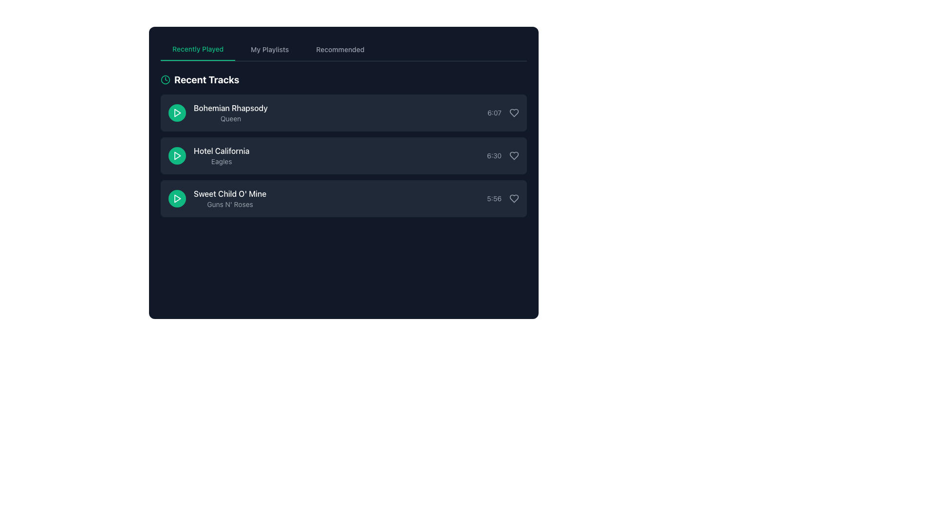 The height and width of the screenshot is (526, 935). What do you see at coordinates (208, 155) in the screenshot?
I see `displayed text 'Hotel California' from the second entry in the playlist, which is styled in white medium-weight font and has 'Eagles' in smaller gray font beneath it` at bounding box center [208, 155].